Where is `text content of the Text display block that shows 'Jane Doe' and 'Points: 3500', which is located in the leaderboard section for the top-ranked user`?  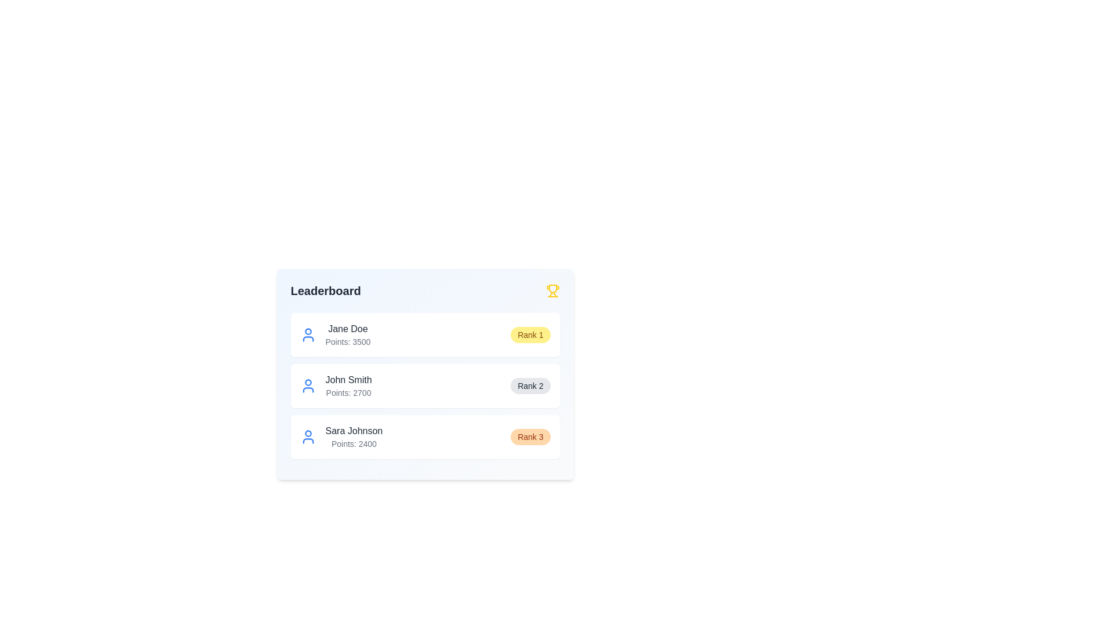
text content of the Text display block that shows 'Jane Doe' and 'Points: 3500', which is located in the leaderboard section for the top-ranked user is located at coordinates (347, 335).